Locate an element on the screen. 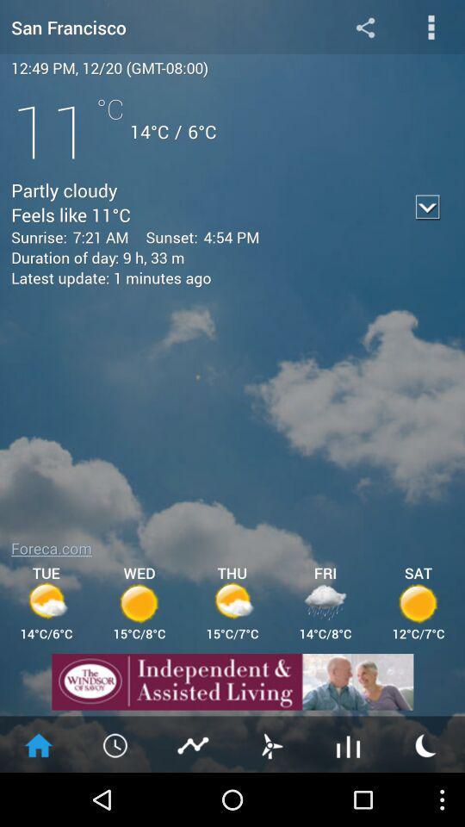  the chart is located at coordinates (193, 743).